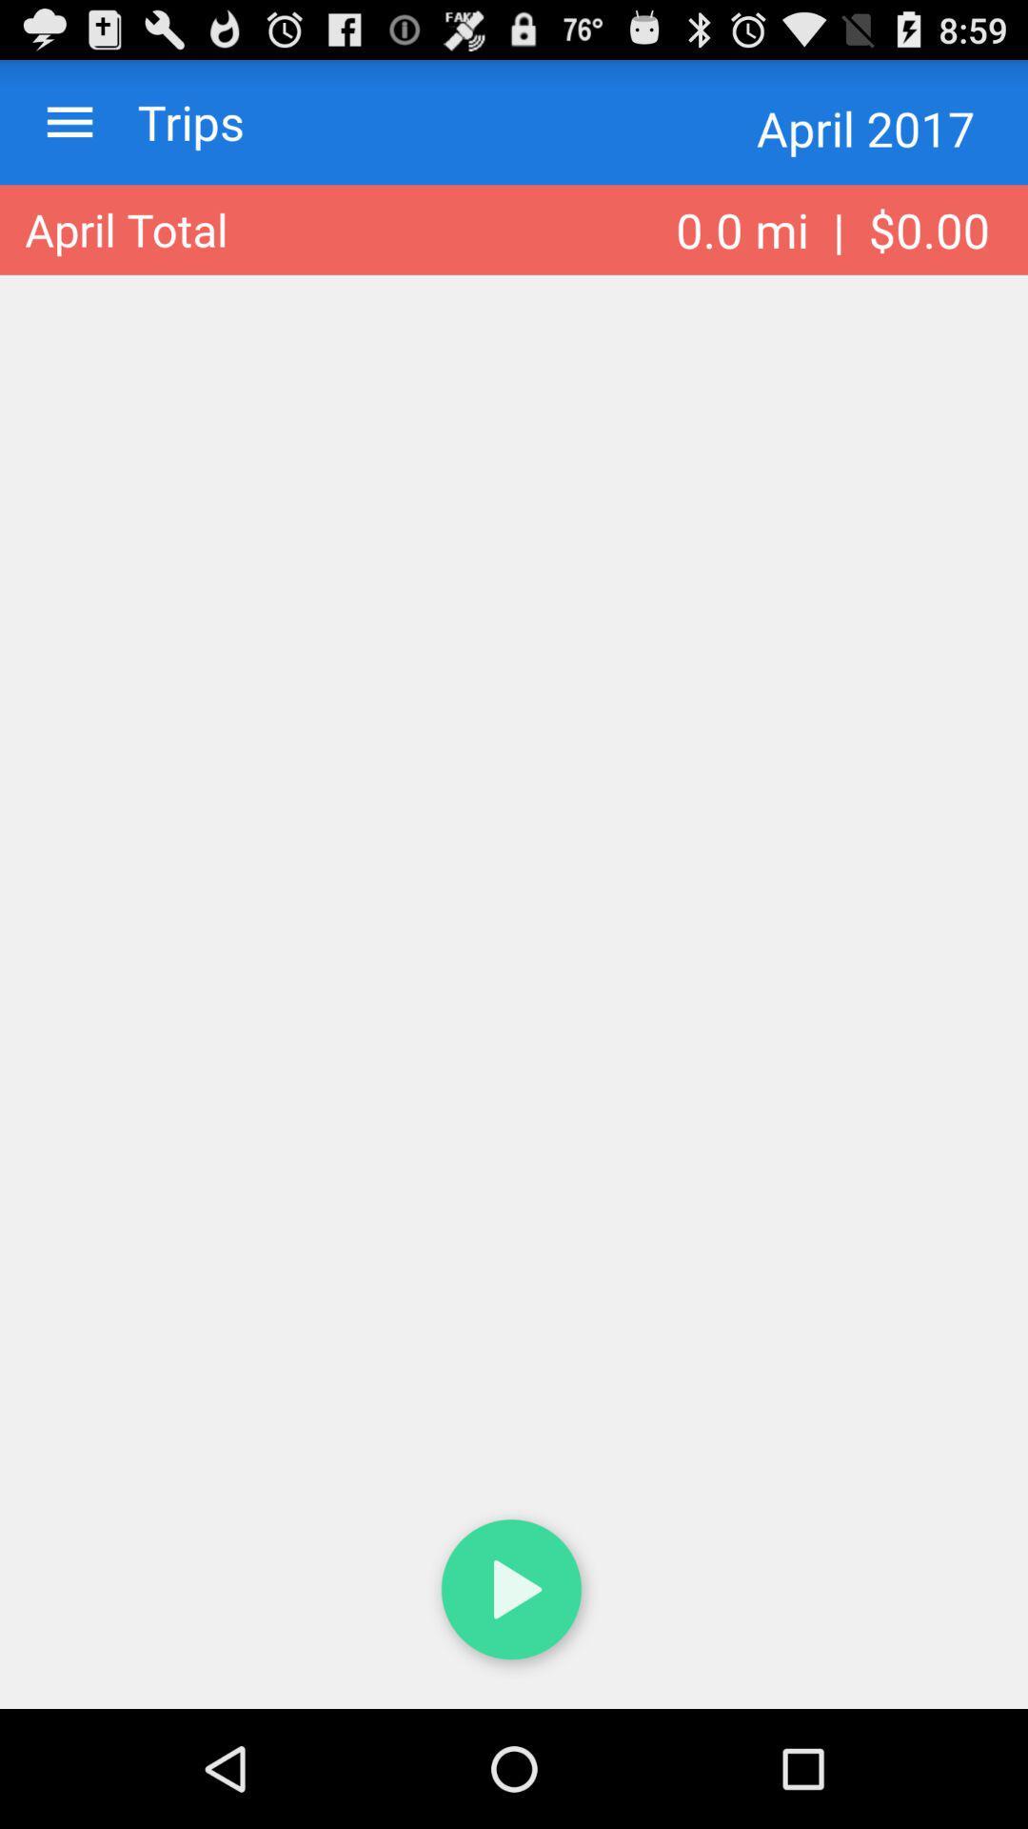 The image size is (1028, 1829). What do you see at coordinates (832, 229) in the screenshot?
I see `the item to the right of april total icon` at bounding box center [832, 229].